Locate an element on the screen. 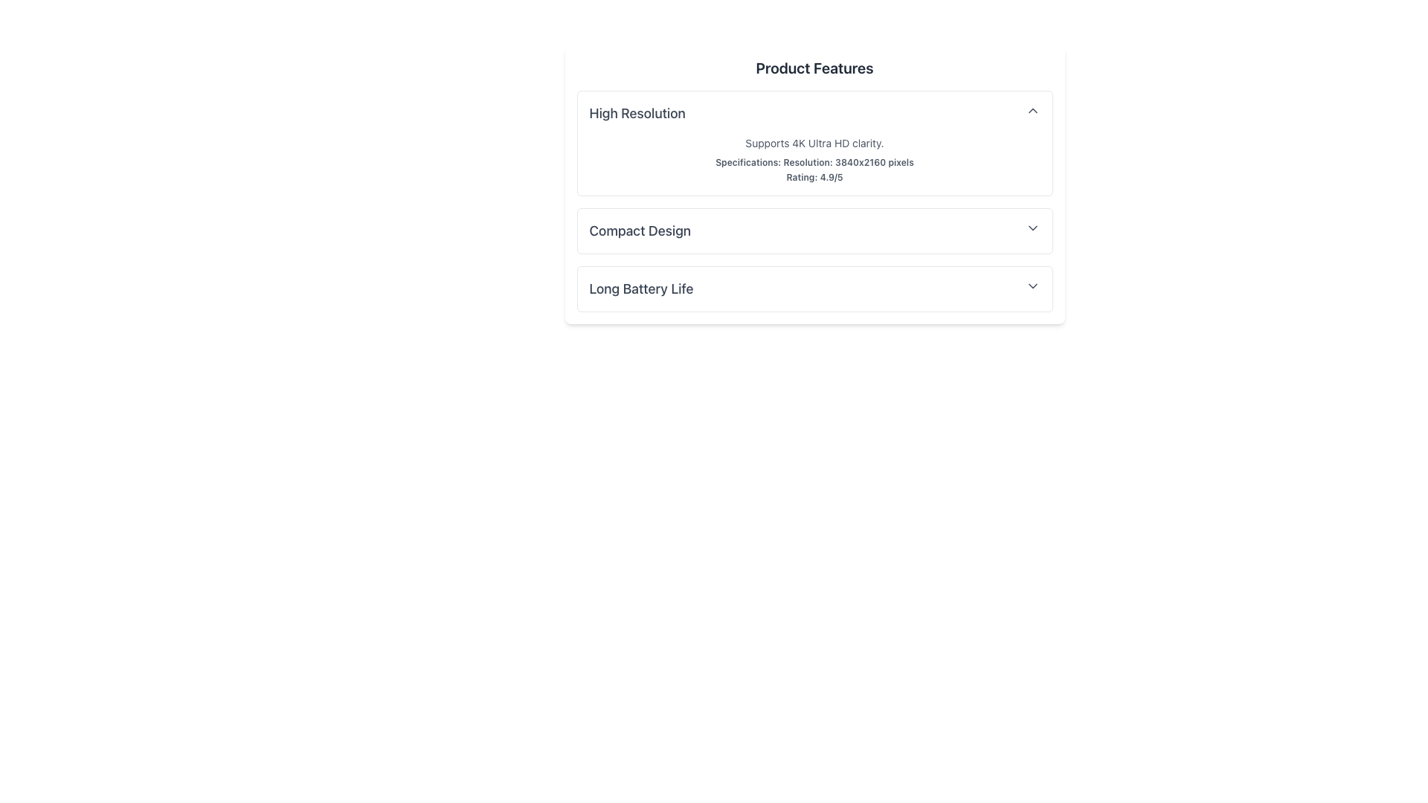 The width and height of the screenshot is (1428, 803). the downward-pointing arrow icon with a minimalistic design and light gray color, located on the far right of the 'Compact Design' section is located at coordinates (1032, 228).